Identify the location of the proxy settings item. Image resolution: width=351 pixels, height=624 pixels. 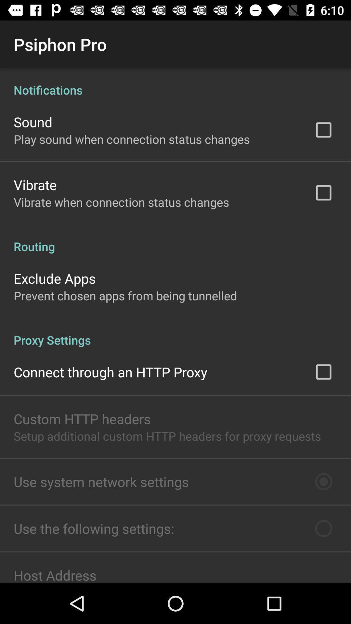
(175, 333).